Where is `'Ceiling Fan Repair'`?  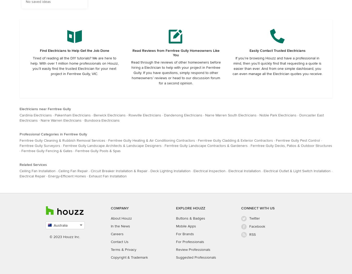
'Ceiling Fan Repair' is located at coordinates (58, 171).